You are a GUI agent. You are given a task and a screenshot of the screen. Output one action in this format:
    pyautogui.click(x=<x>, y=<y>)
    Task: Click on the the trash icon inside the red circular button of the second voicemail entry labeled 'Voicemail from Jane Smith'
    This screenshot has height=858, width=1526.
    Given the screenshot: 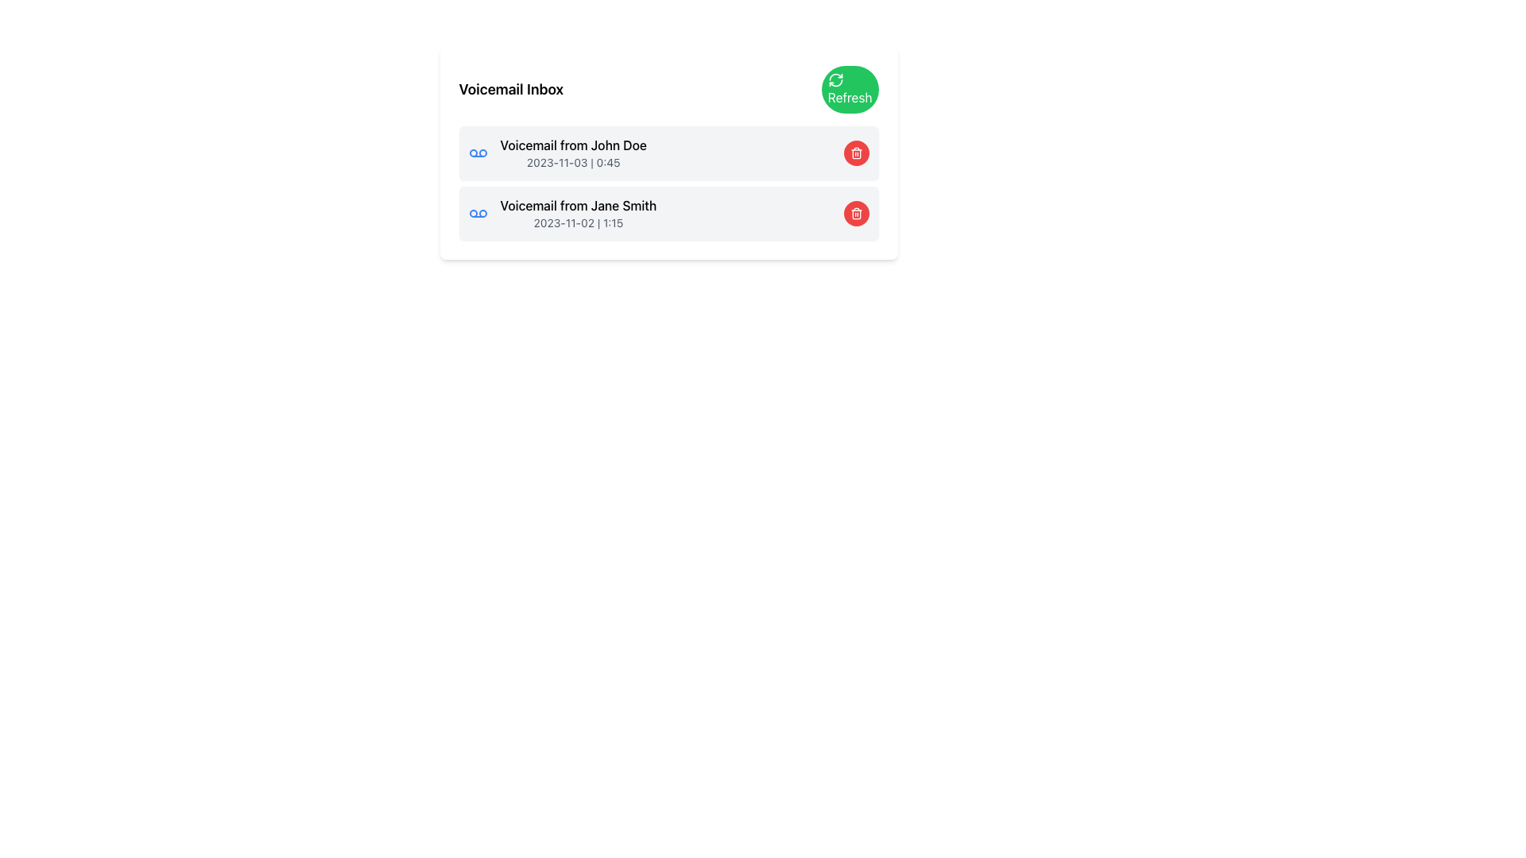 What is the action you would take?
    pyautogui.click(x=855, y=213)
    